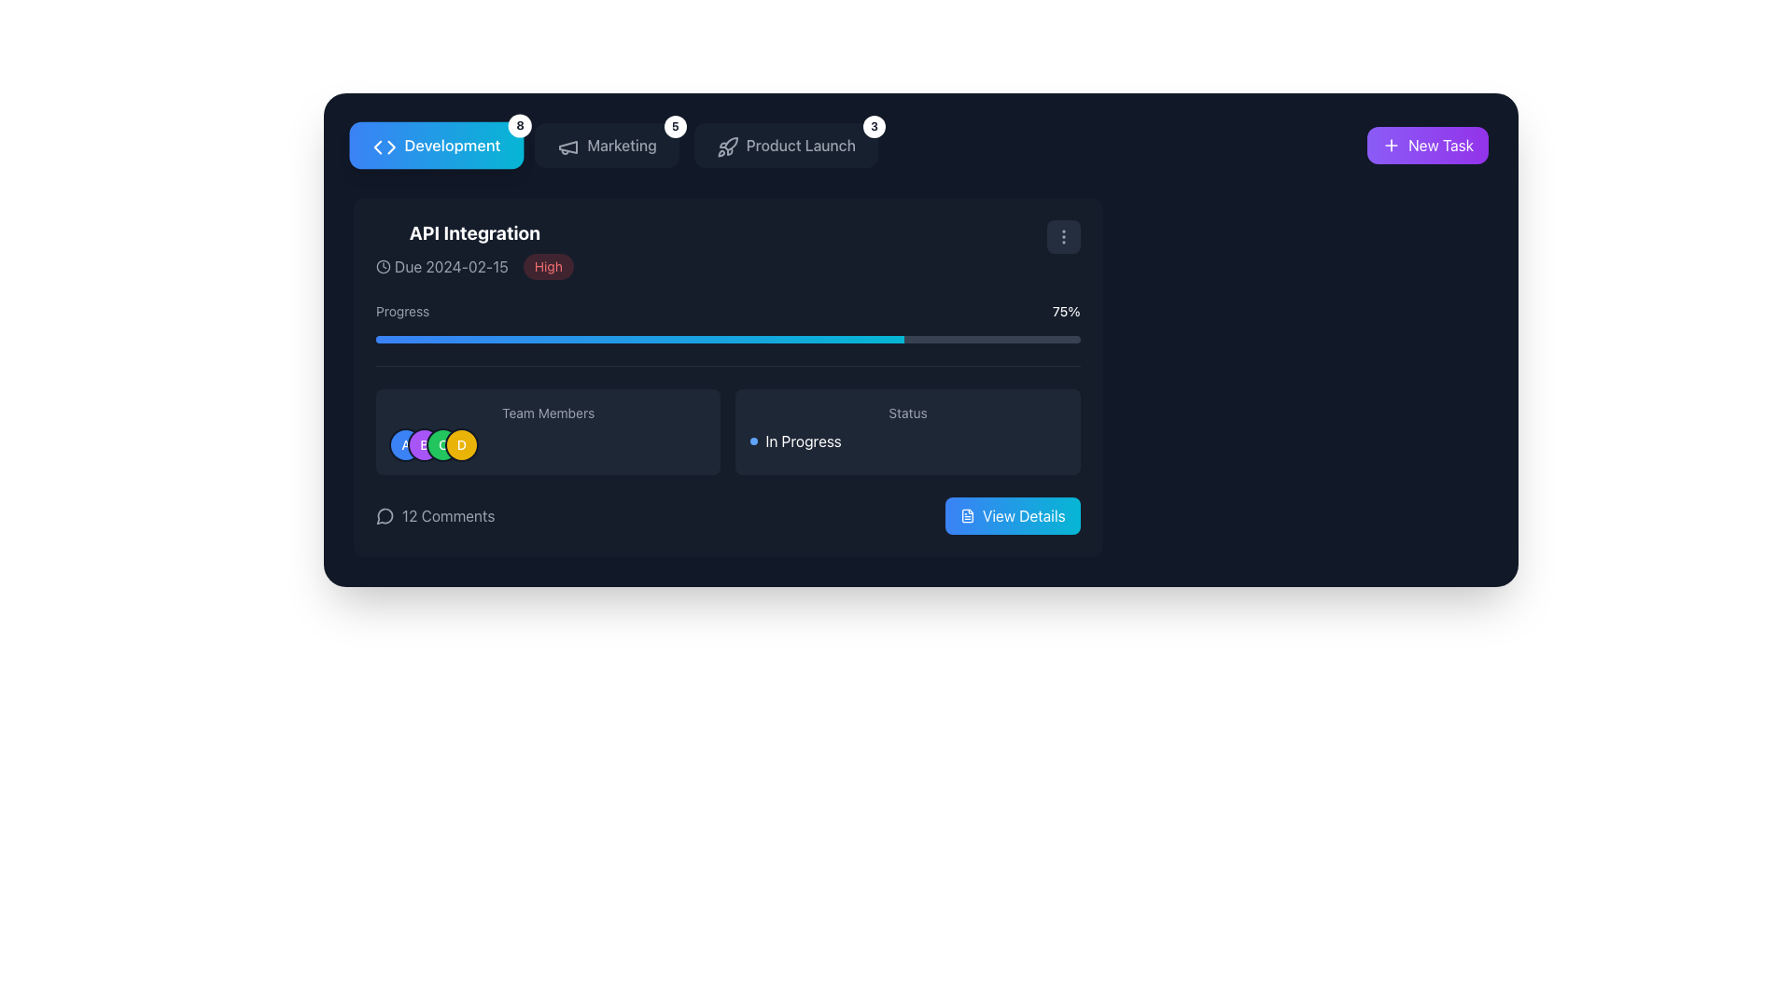  What do you see at coordinates (1063, 236) in the screenshot?
I see `the Icon button located at the top-right corner of the 'API Integration' task card` at bounding box center [1063, 236].